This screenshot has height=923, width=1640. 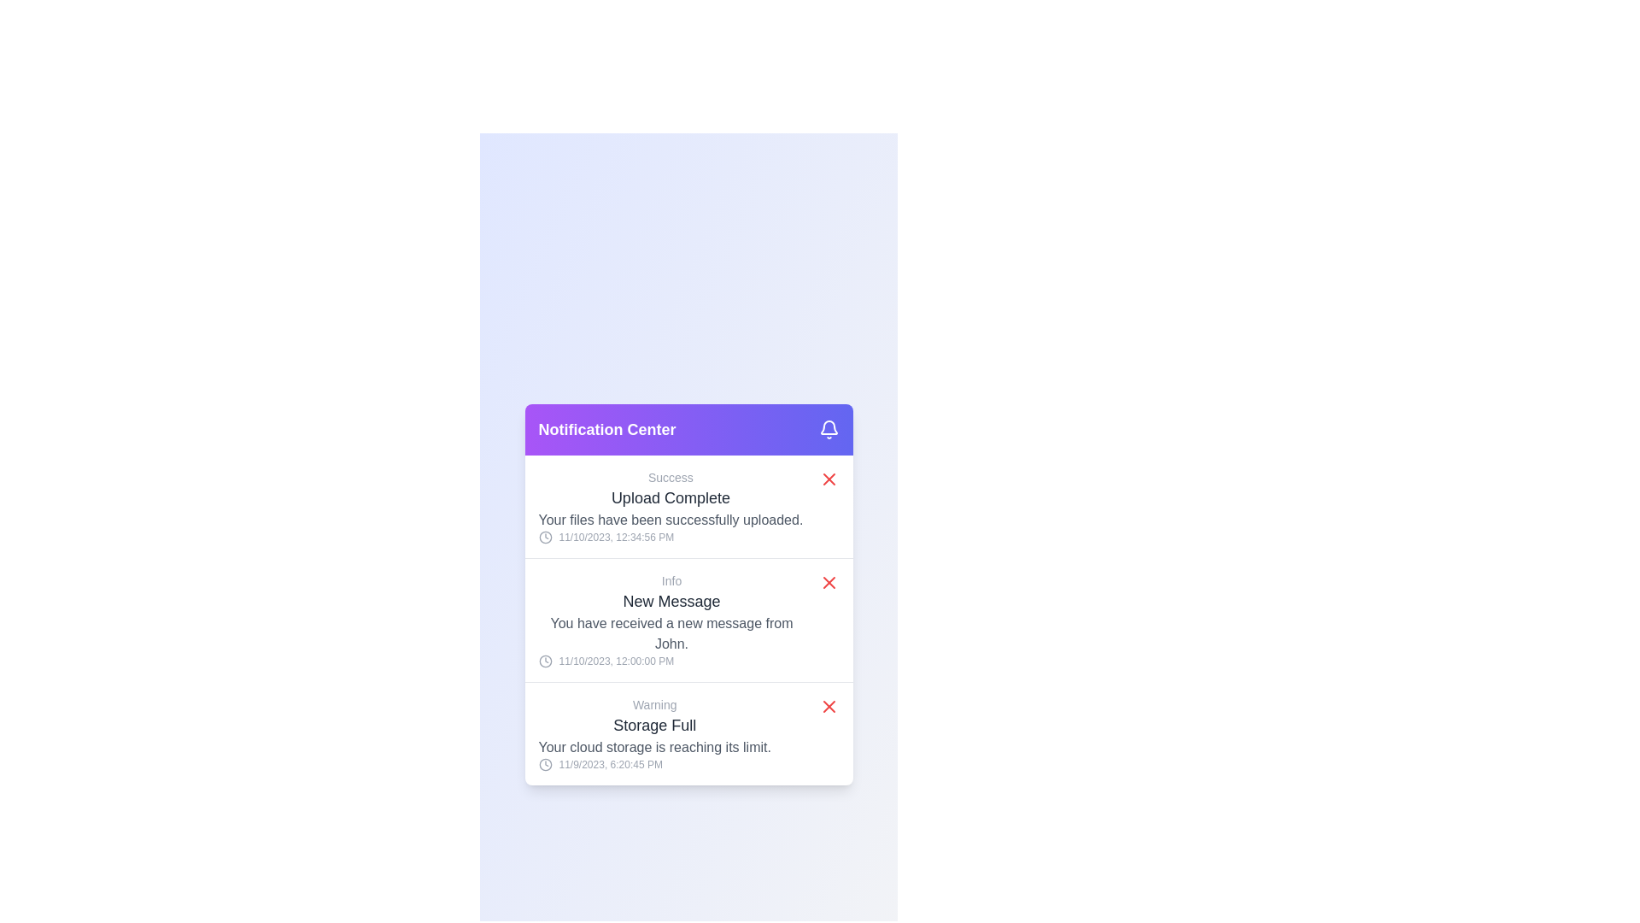 I want to click on the first notification entry in the Notification Center that displays 'Success' above 'Upload Complete', so click(x=688, y=506).